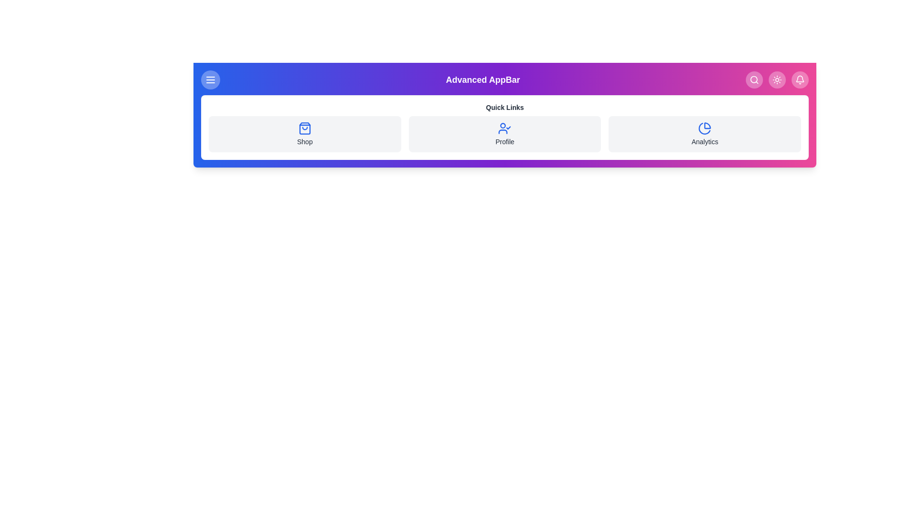  I want to click on the quick link labeled Profile, so click(504, 134).